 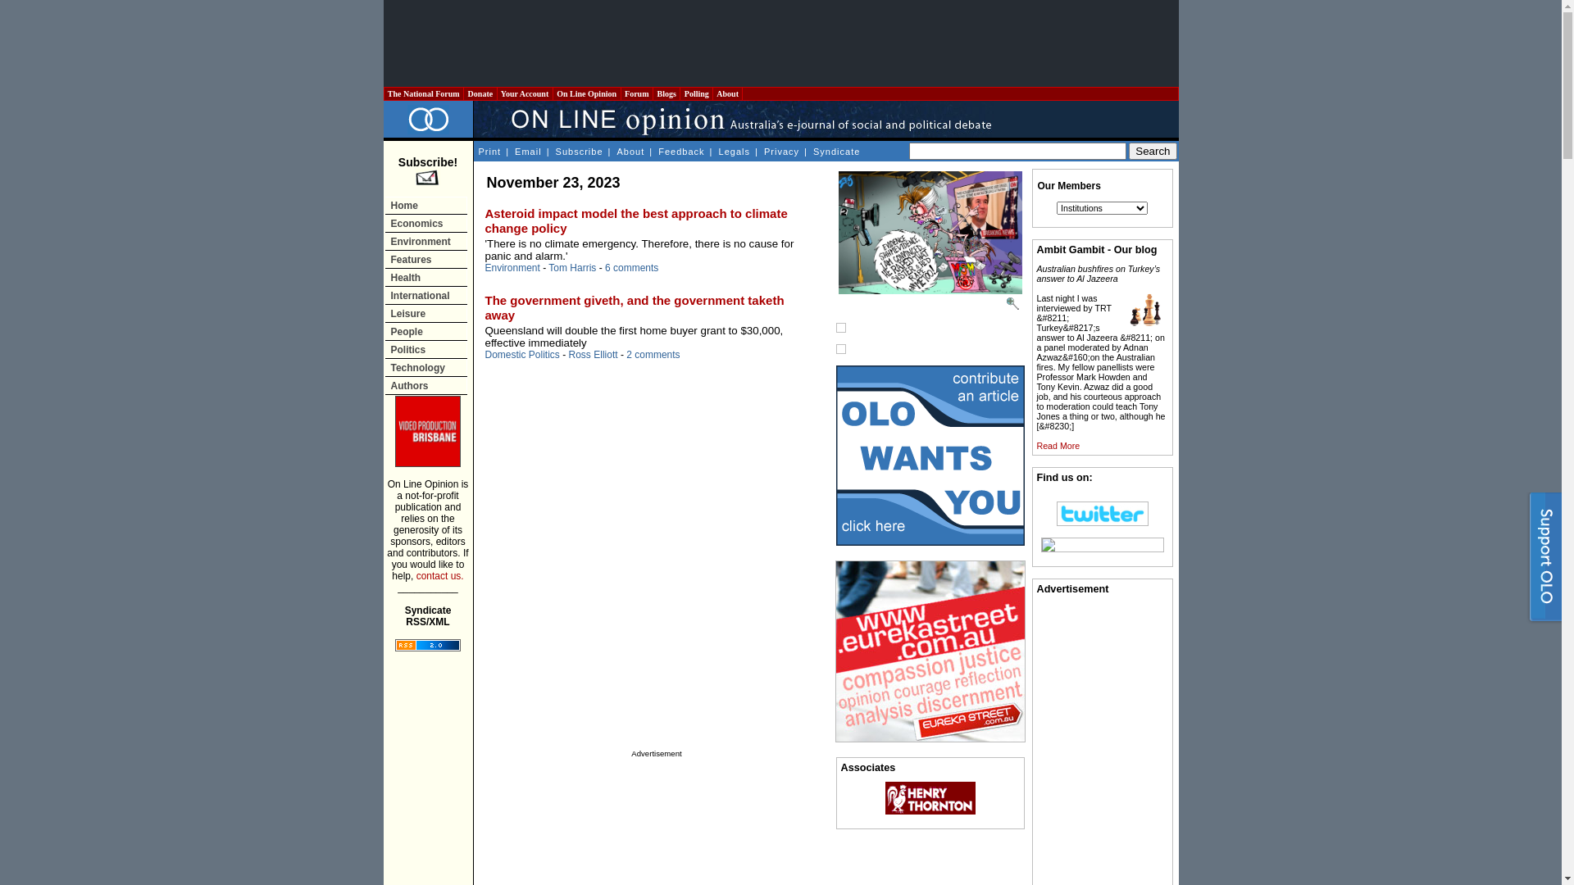 What do you see at coordinates (428, 171) in the screenshot?
I see `'Subscribe!'` at bounding box center [428, 171].